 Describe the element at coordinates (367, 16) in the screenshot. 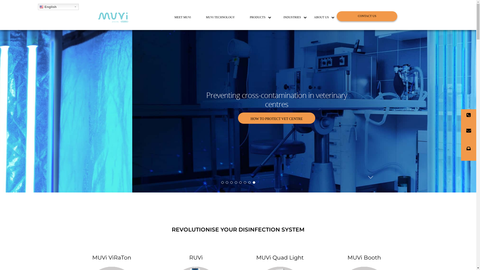

I see `'CONTACT US'` at that location.